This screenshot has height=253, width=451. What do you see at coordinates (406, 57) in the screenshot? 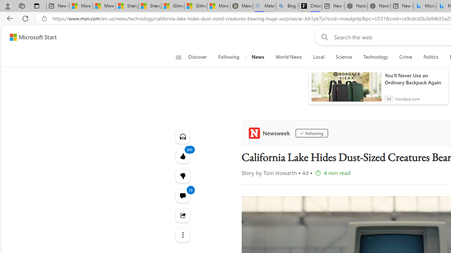
I see `'Crime'` at bounding box center [406, 57].